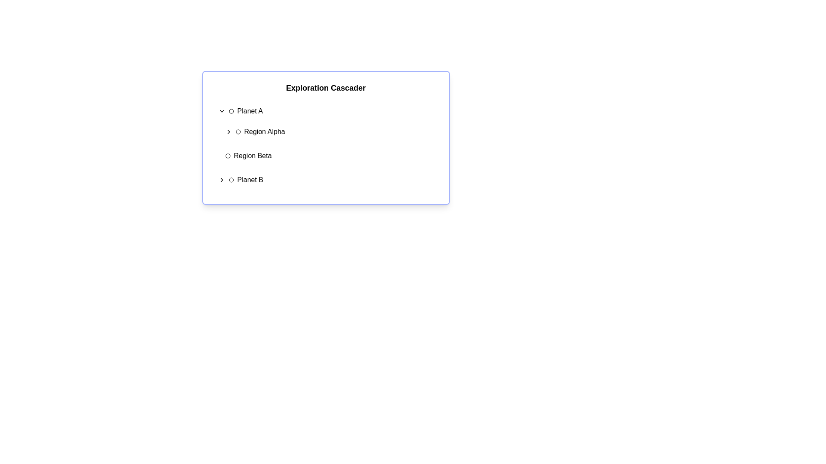 Image resolution: width=826 pixels, height=464 pixels. Describe the element at coordinates (252, 156) in the screenshot. I see `the text label displaying 'Region Beta'` at that location.